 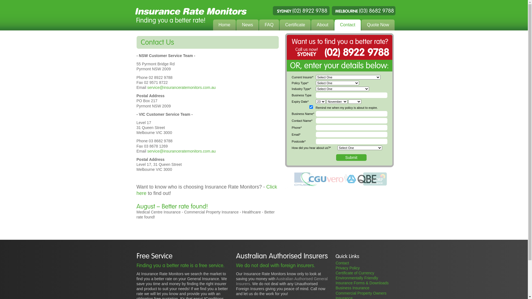 I want to click on 'Quote Now', so click(x=377, y=25).